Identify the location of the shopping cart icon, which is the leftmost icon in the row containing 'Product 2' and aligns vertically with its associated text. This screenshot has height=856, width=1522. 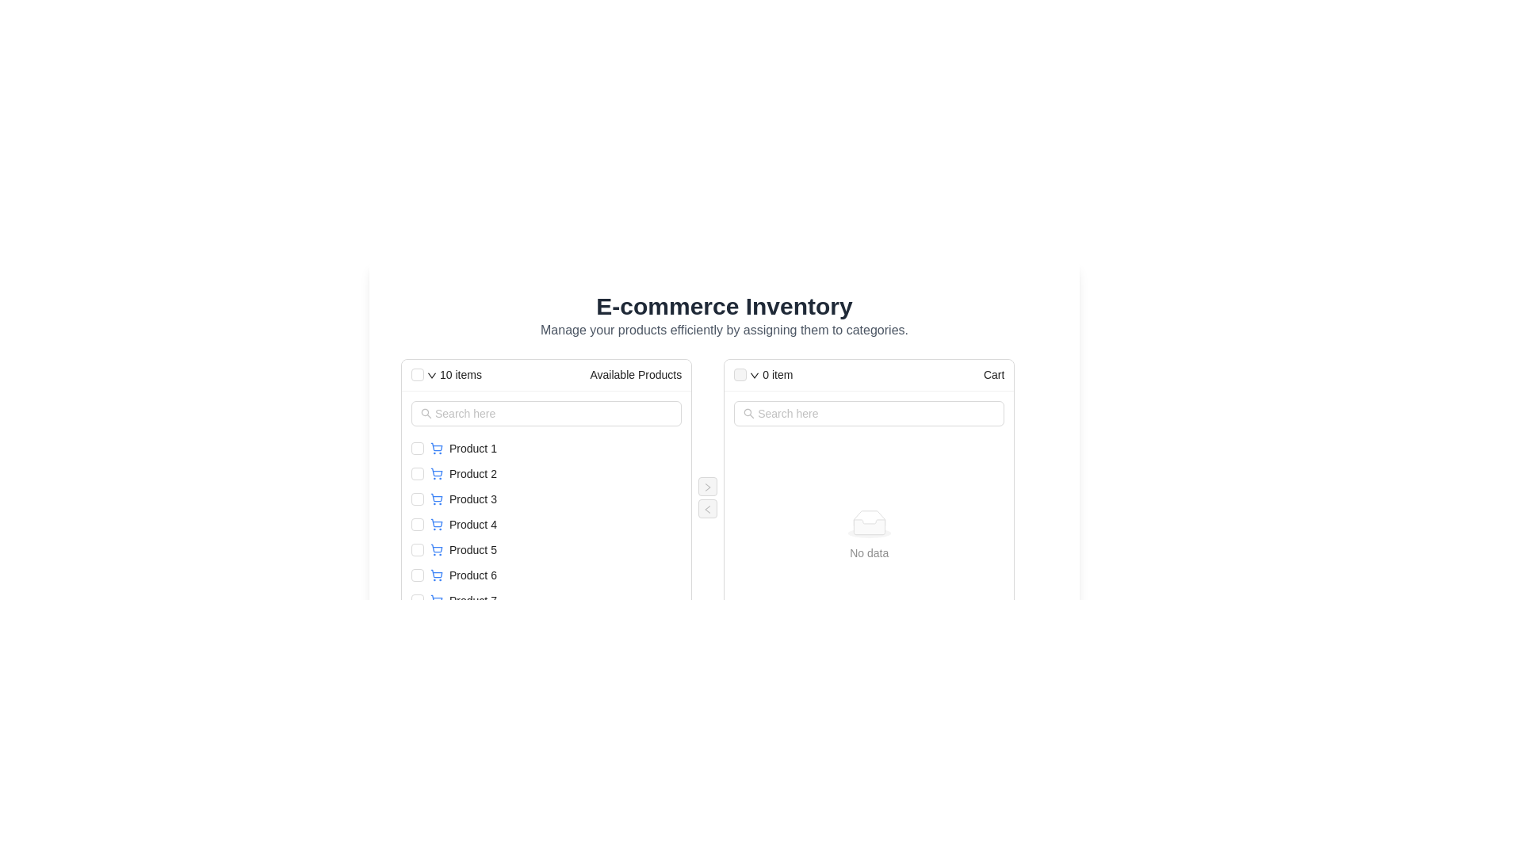
(437, 472).